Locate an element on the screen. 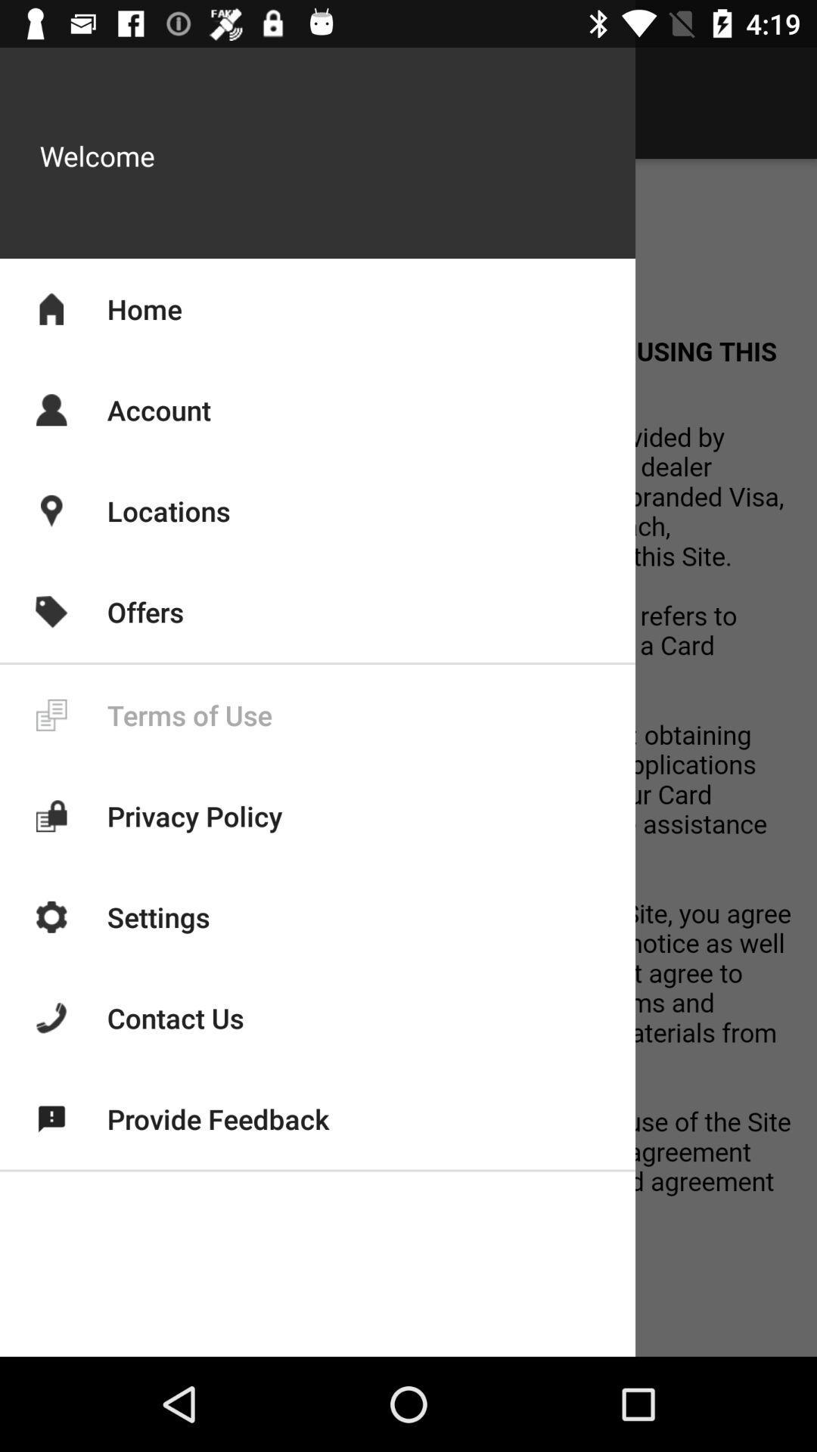 This screenshot has height=1452, width=817. the location icon is located at coordinates (51, 511).